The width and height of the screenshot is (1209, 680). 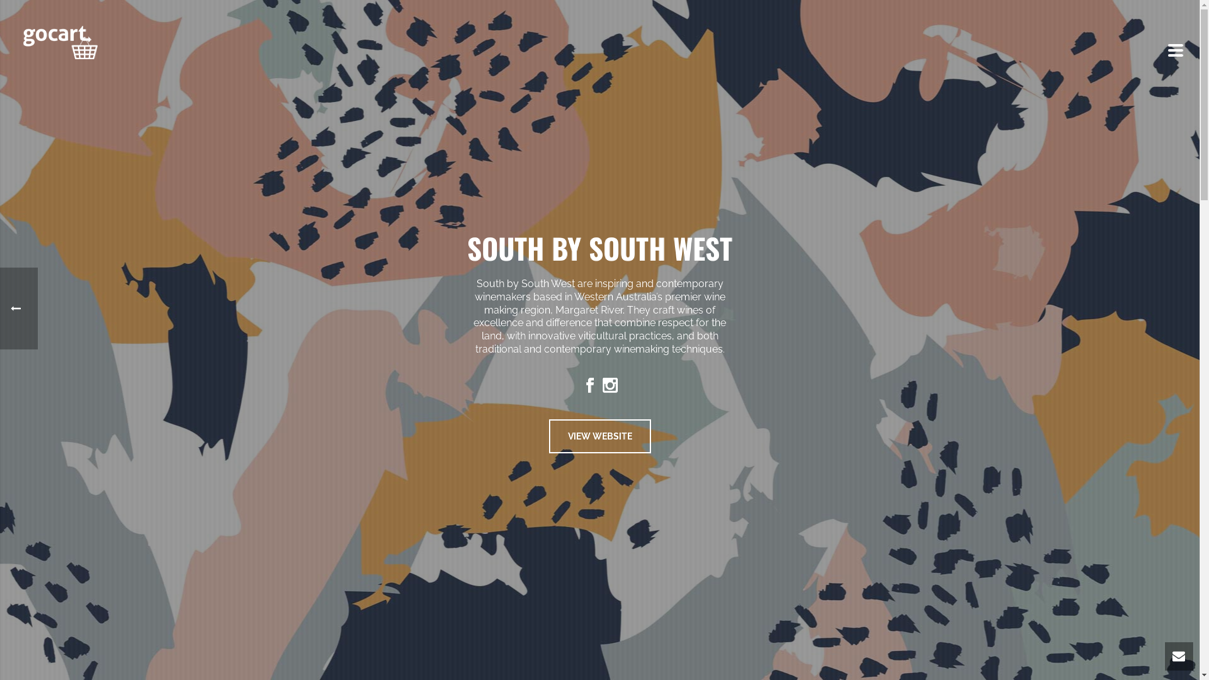 I want to click on 'SOUTH BY SOUTH WEST', so click(x=599, y=247).